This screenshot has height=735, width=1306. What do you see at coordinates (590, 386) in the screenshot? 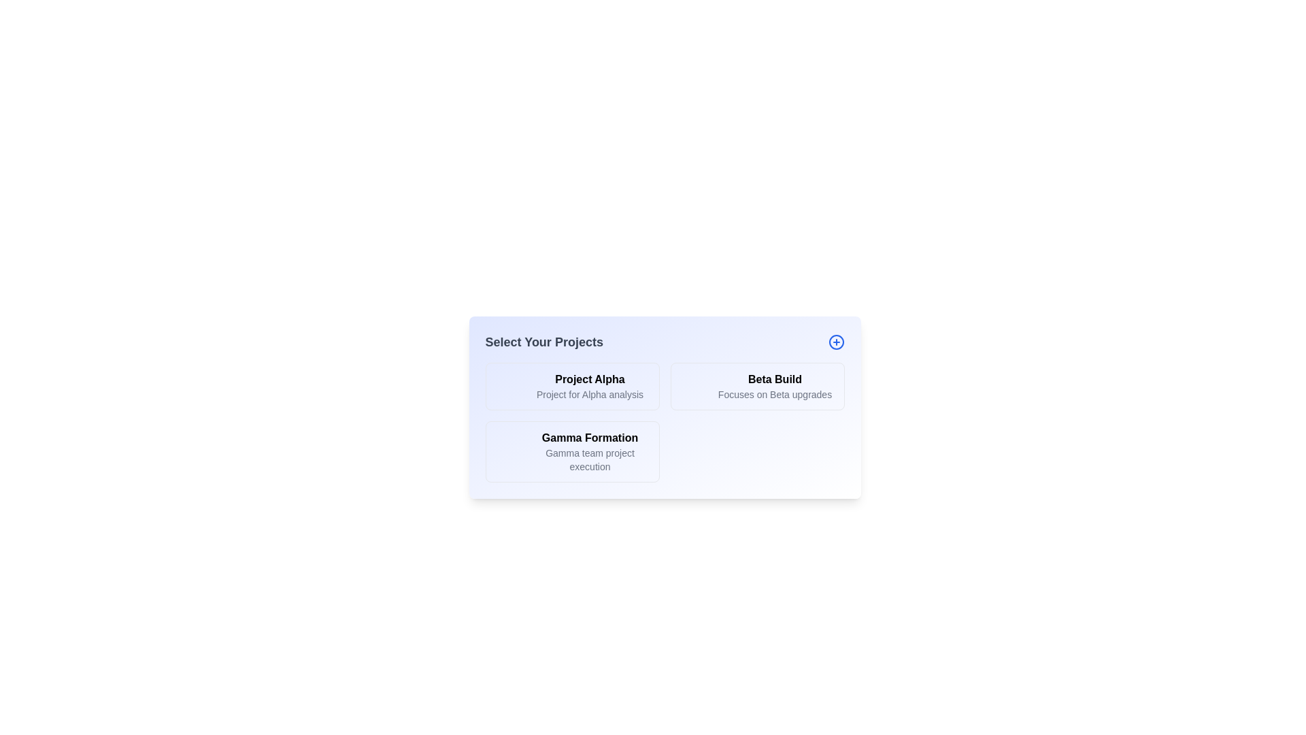
I see `text element titled 'Project Alpha' with the subtitle 'Project for Alpha analysis' located in the top-left quadrant of the project selection area` at bounding box center [590, 386].